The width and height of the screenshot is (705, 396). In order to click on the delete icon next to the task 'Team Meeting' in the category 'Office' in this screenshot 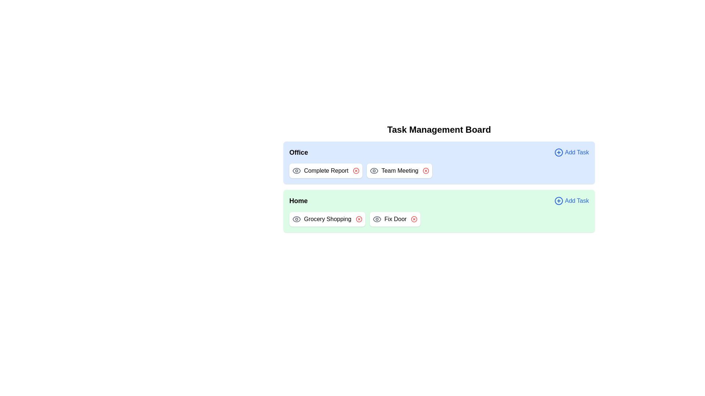, I will do `click(426, 171)`.